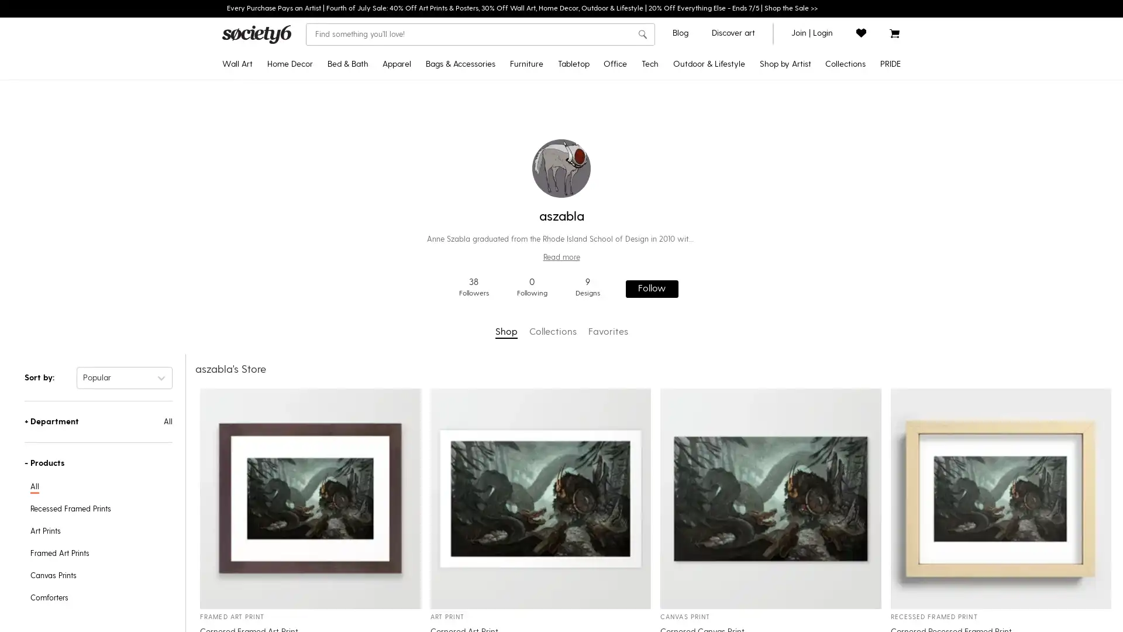  I want to click on Collections, so click(845, 64).